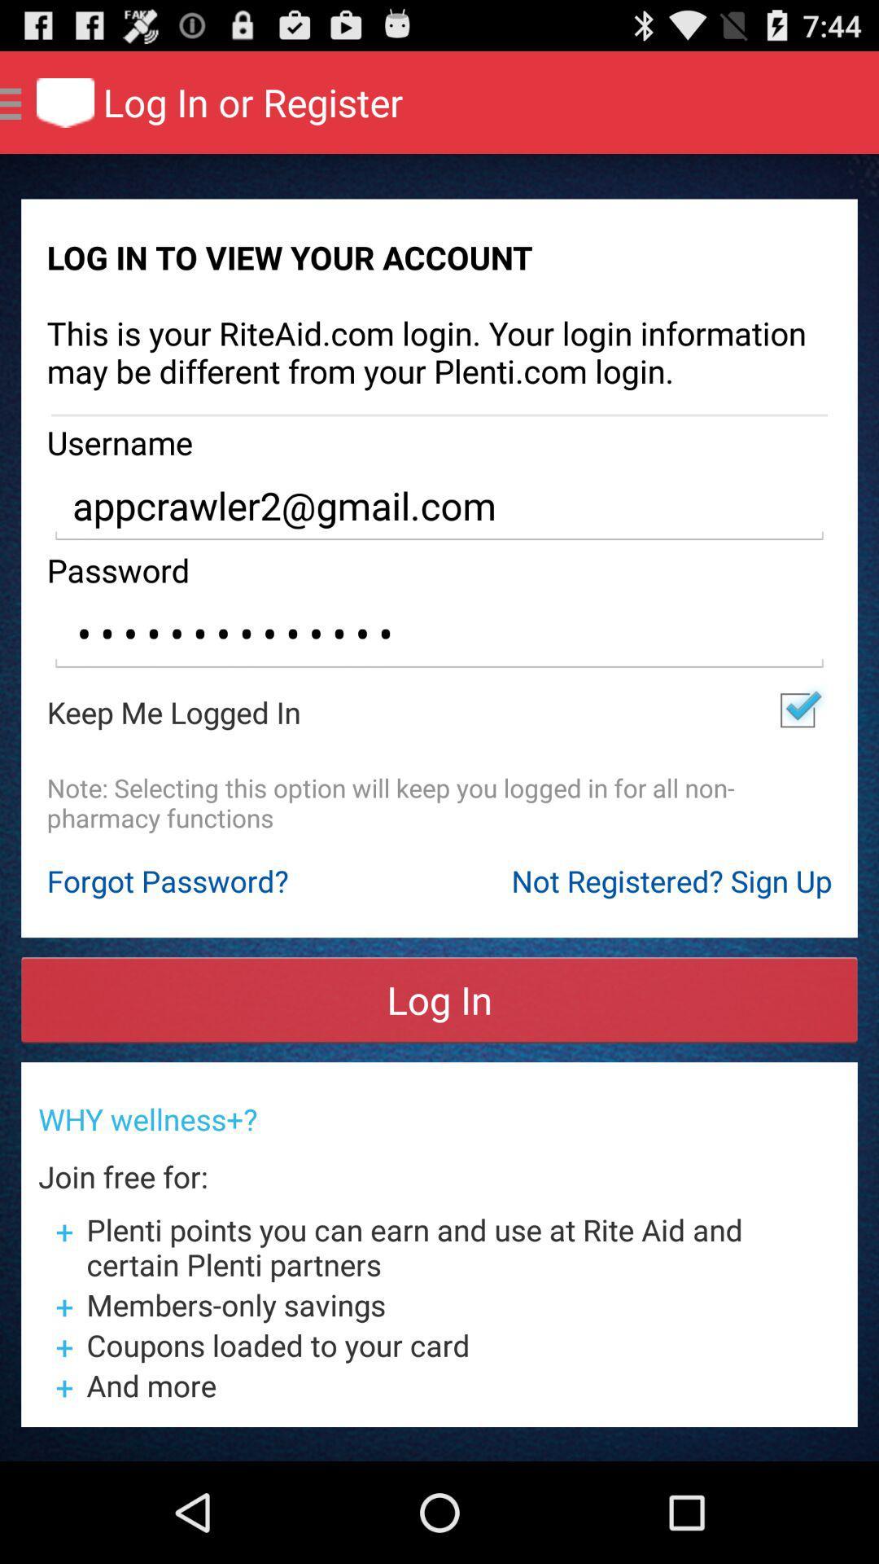  Describe the element at coordinates (797, 710) in the screenshot. I see `icon below the appcrawler3116 icon` at that location.